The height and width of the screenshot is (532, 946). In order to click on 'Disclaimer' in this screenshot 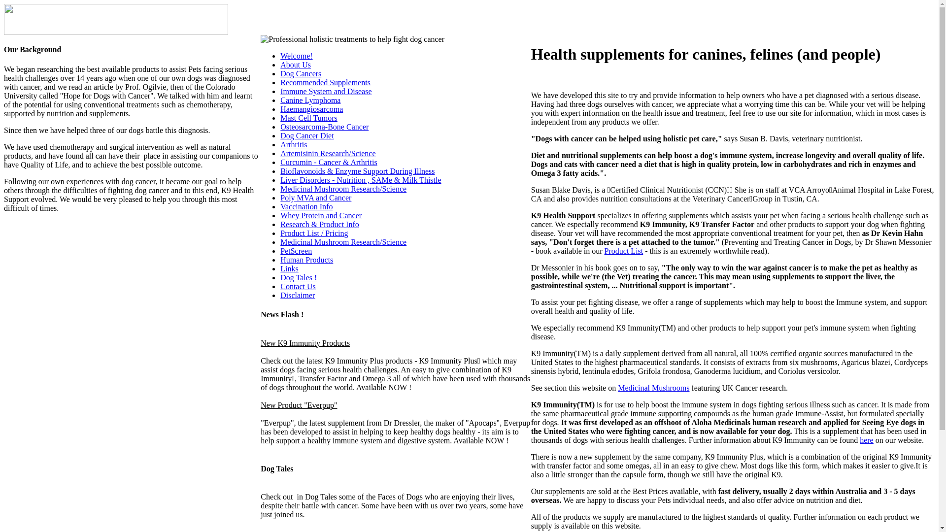, I will do `click(297, 295)`.